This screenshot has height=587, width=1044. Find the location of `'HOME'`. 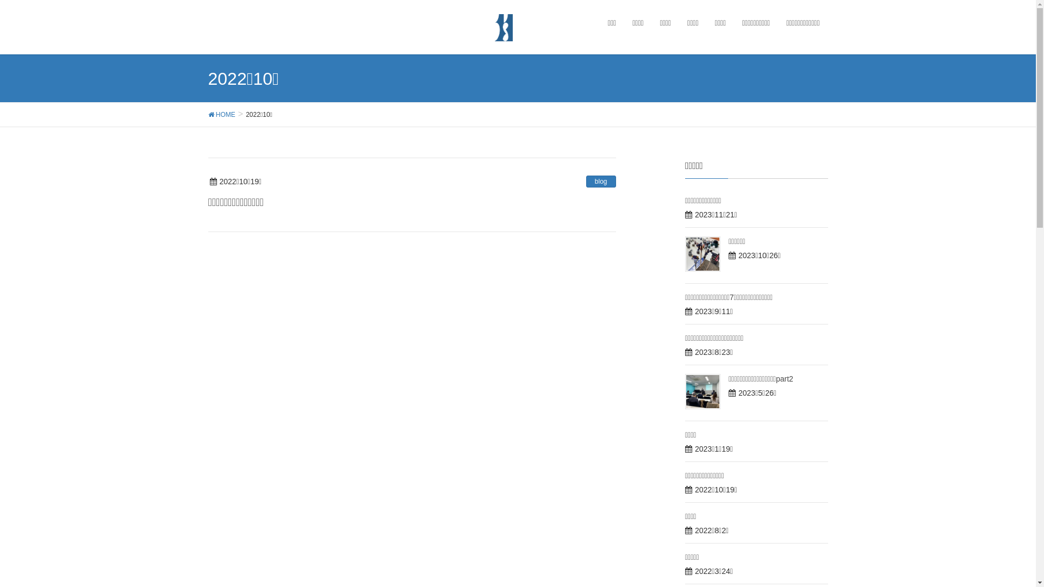

'HOME' is located at coordinates (221, 114).